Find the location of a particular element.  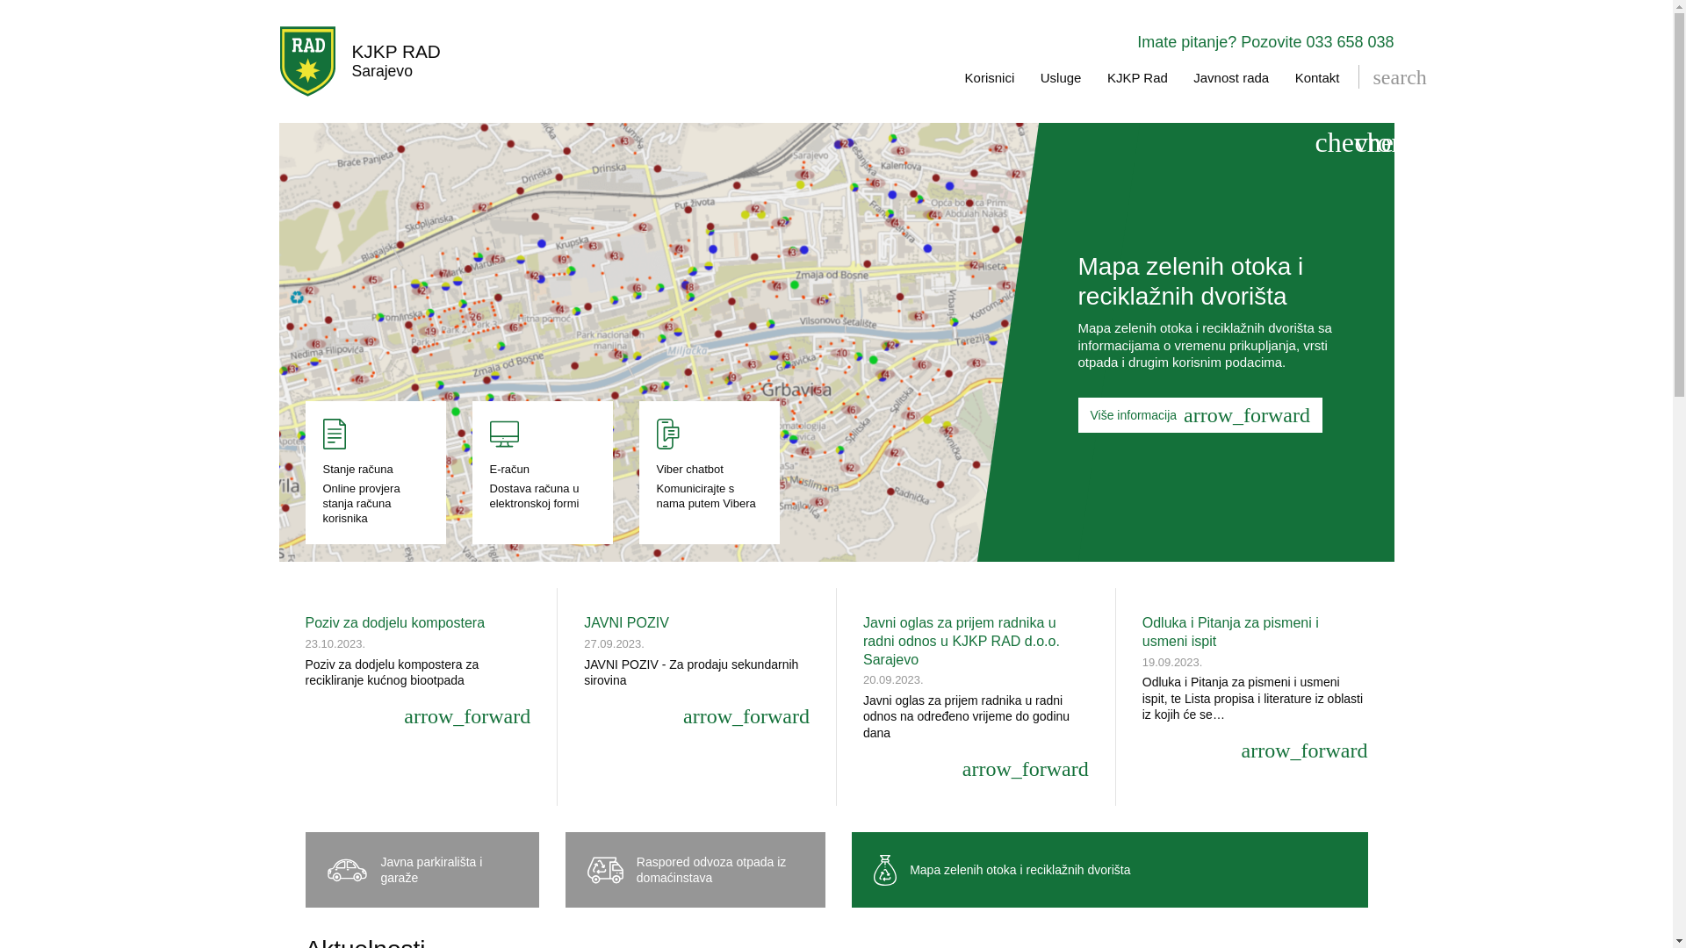

'KJKP RAD is located at coordinates (358, 60).